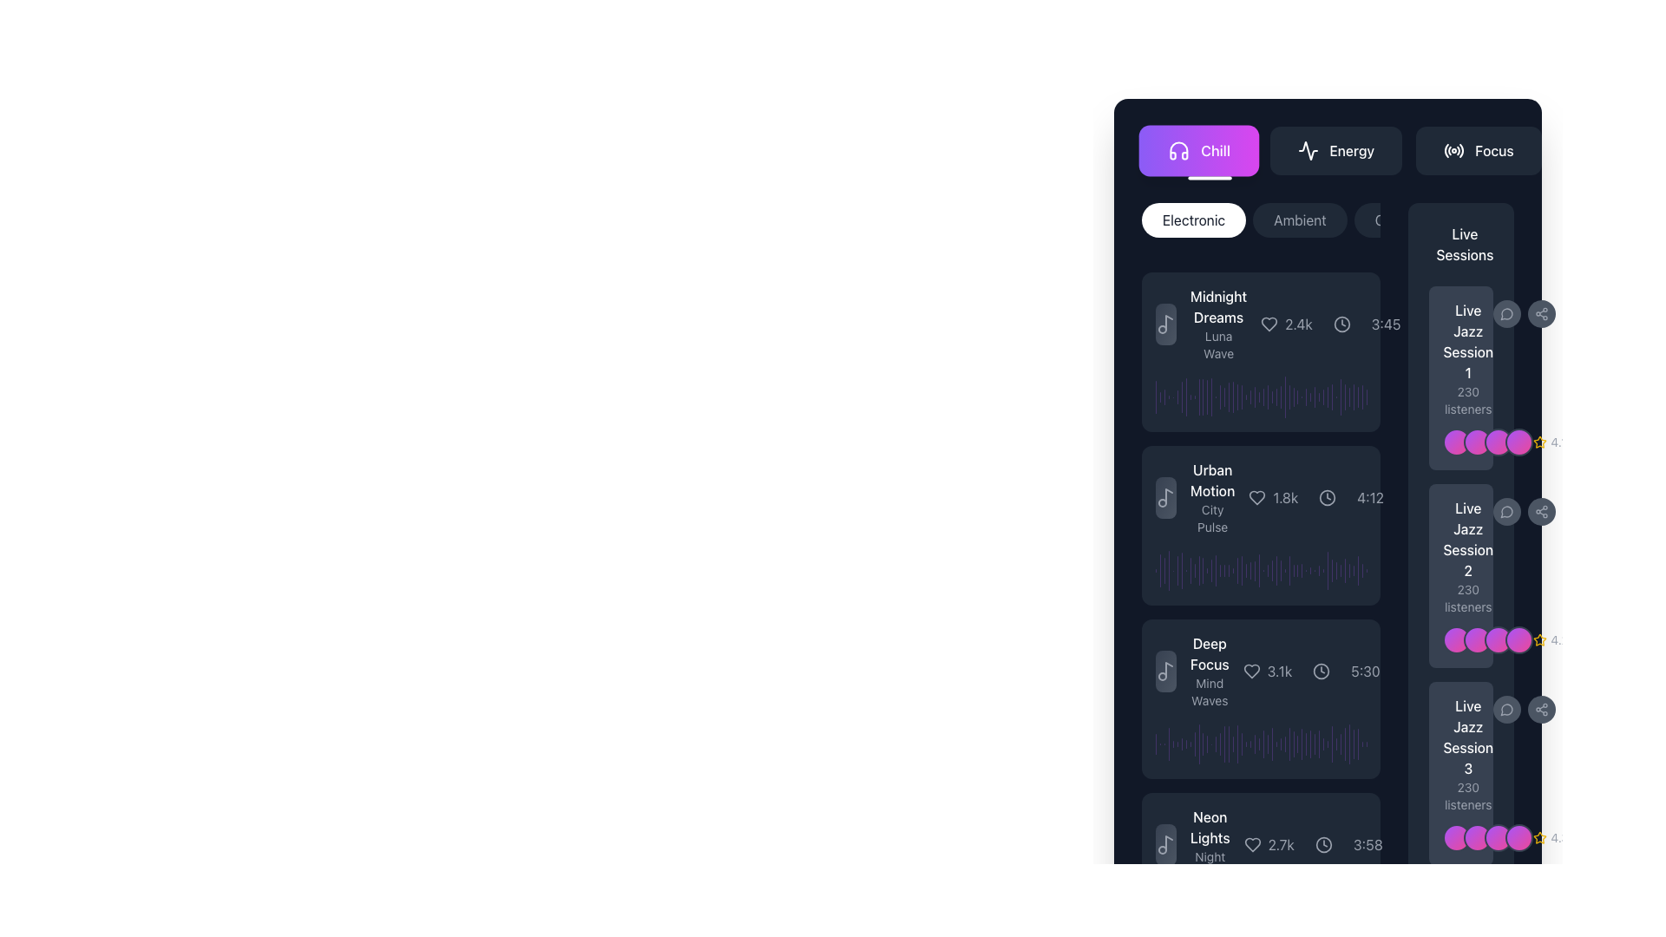  I want to click on the first button in the button section, so click(1198, 149).